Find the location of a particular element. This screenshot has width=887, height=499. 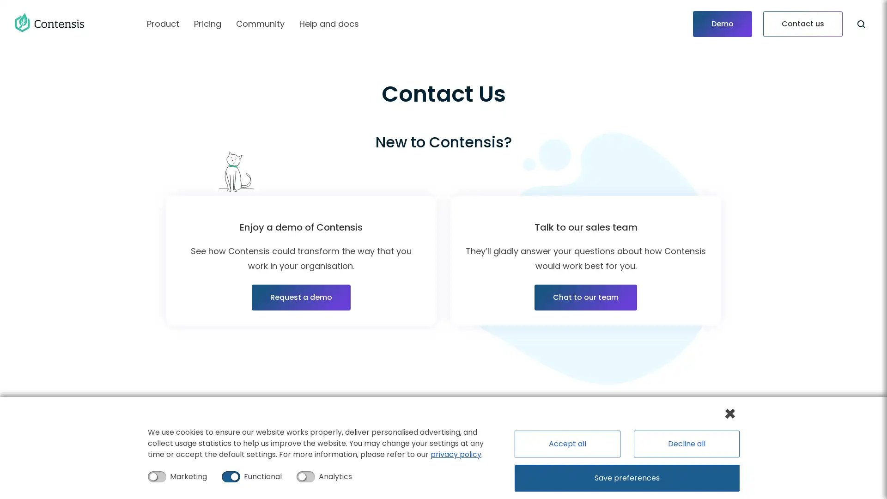

Decline all is located at coordinates (686, 443).